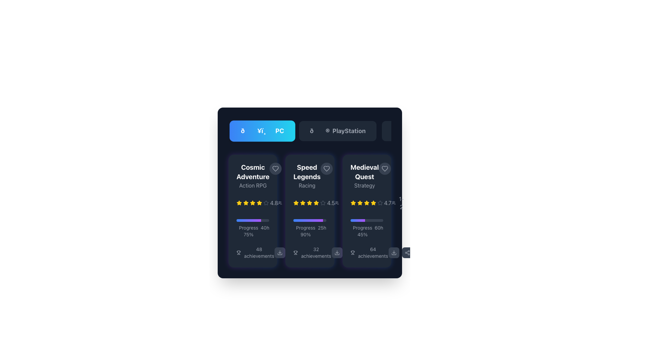  What do you see at coordinates (385, 168) in the screenshot?
I see `the heart icon located in the top-right corner of the Medieval Quest card, which is in the rightmost column of the three displayed cards` at bounding box center [385, 168].